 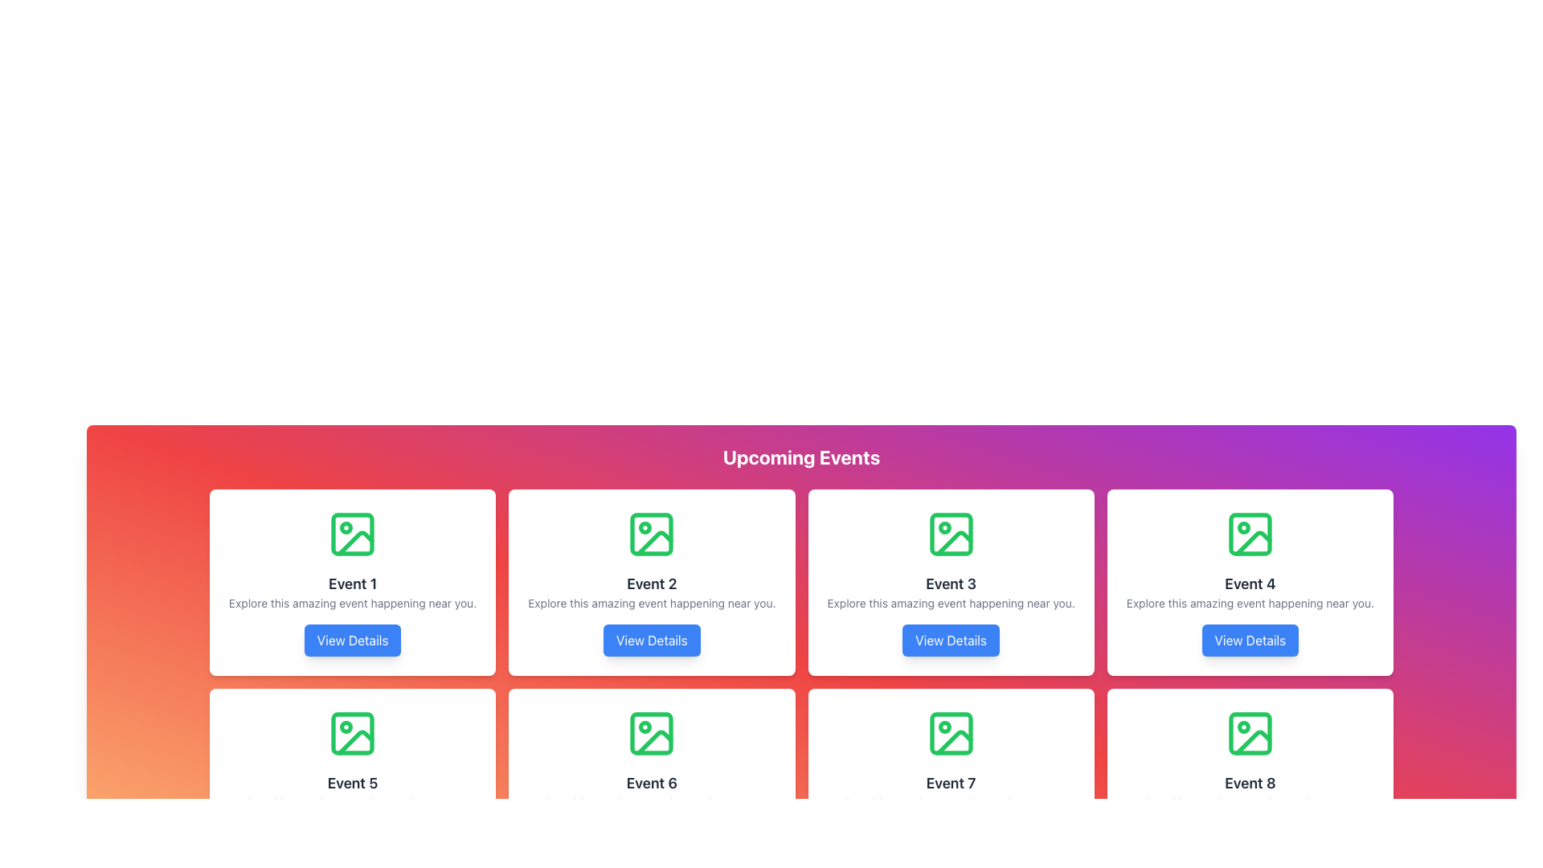 I want to click on the Decorative SVG Element located within the picture icon of the 'Event 2' card, positioned in the top row, second column of the grid layout, so click(x=645, y=527).